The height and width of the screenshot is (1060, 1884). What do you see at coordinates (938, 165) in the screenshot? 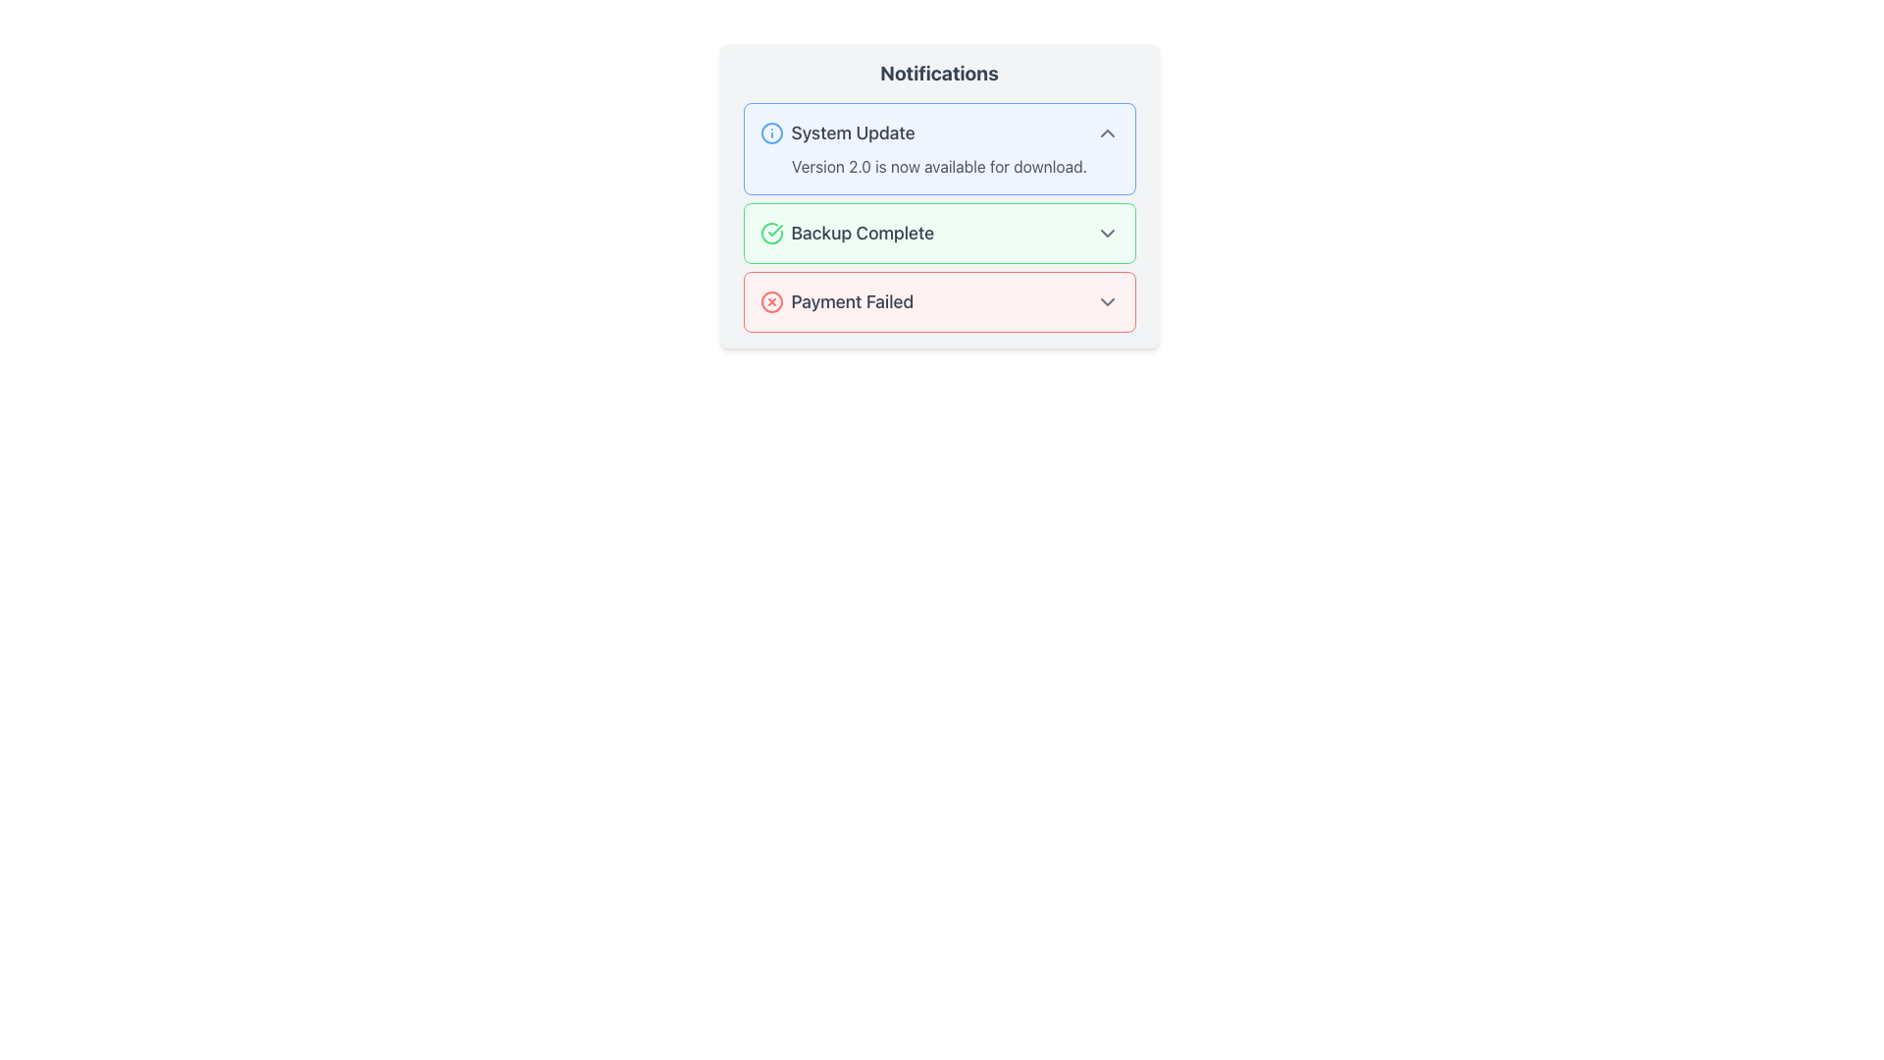
I see `the text element displaying 'Version 2.0 is now available for download.' located within the blue-bordered notification box under the header 'System Update.'` at bounding box center [938, 165].